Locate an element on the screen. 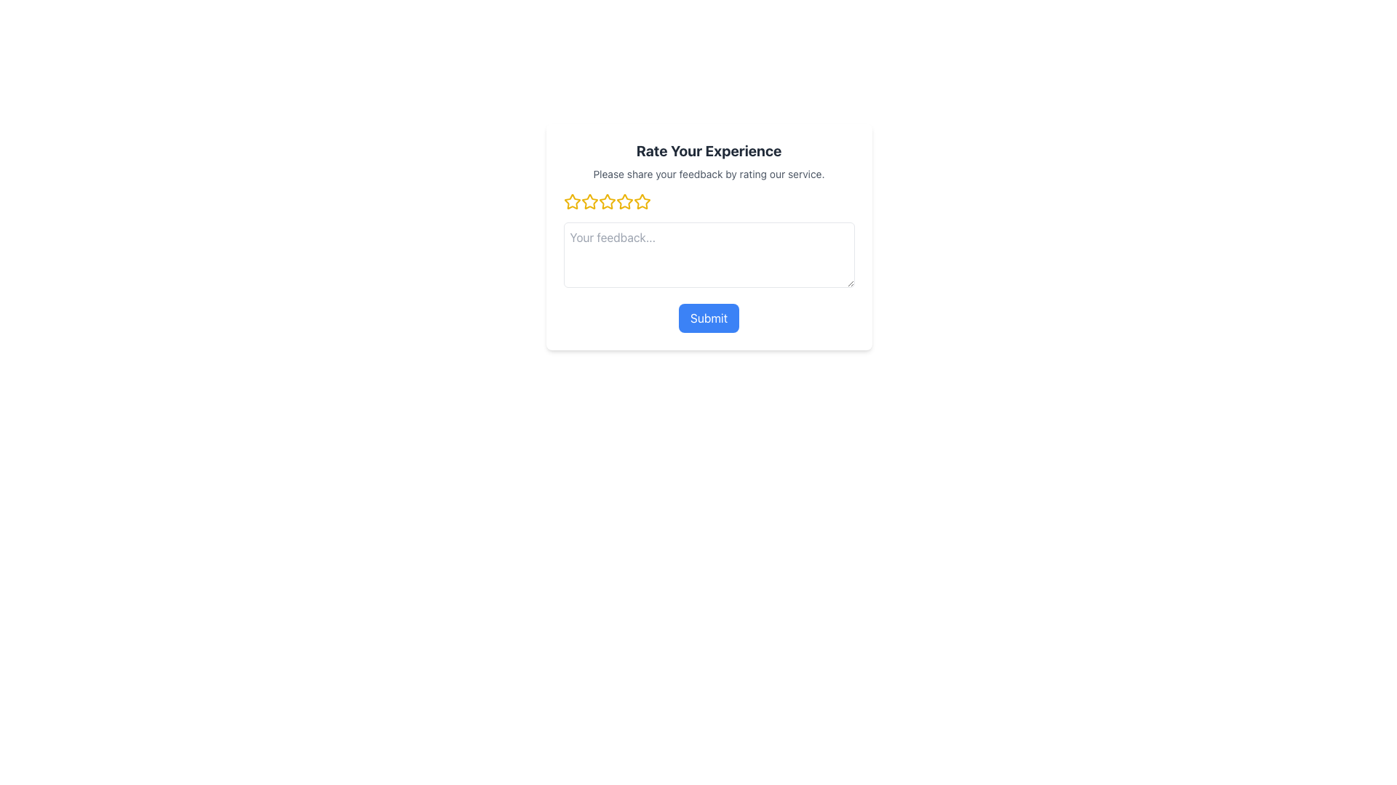  the second star in the 5-star rating scale is located at coordinates (589, 201).